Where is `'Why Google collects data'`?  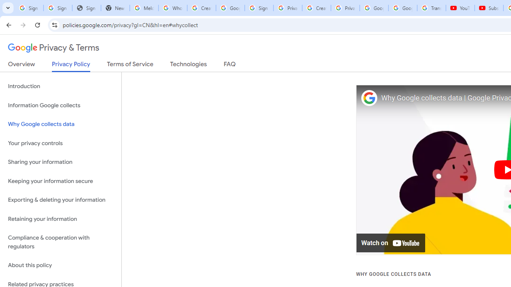 'Why Google collects data' is located at coordinates (60, 124).